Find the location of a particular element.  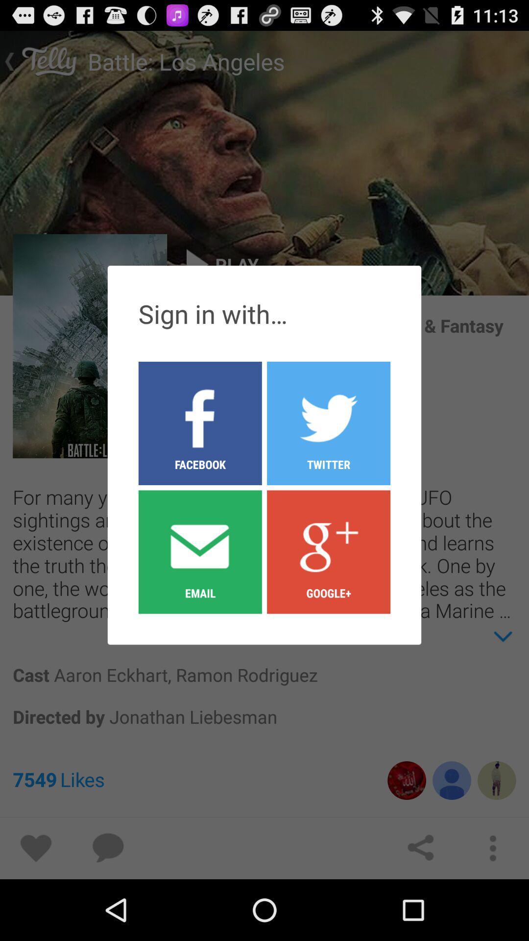

button to the left of twitter icon is located at coordinates (199, 551).